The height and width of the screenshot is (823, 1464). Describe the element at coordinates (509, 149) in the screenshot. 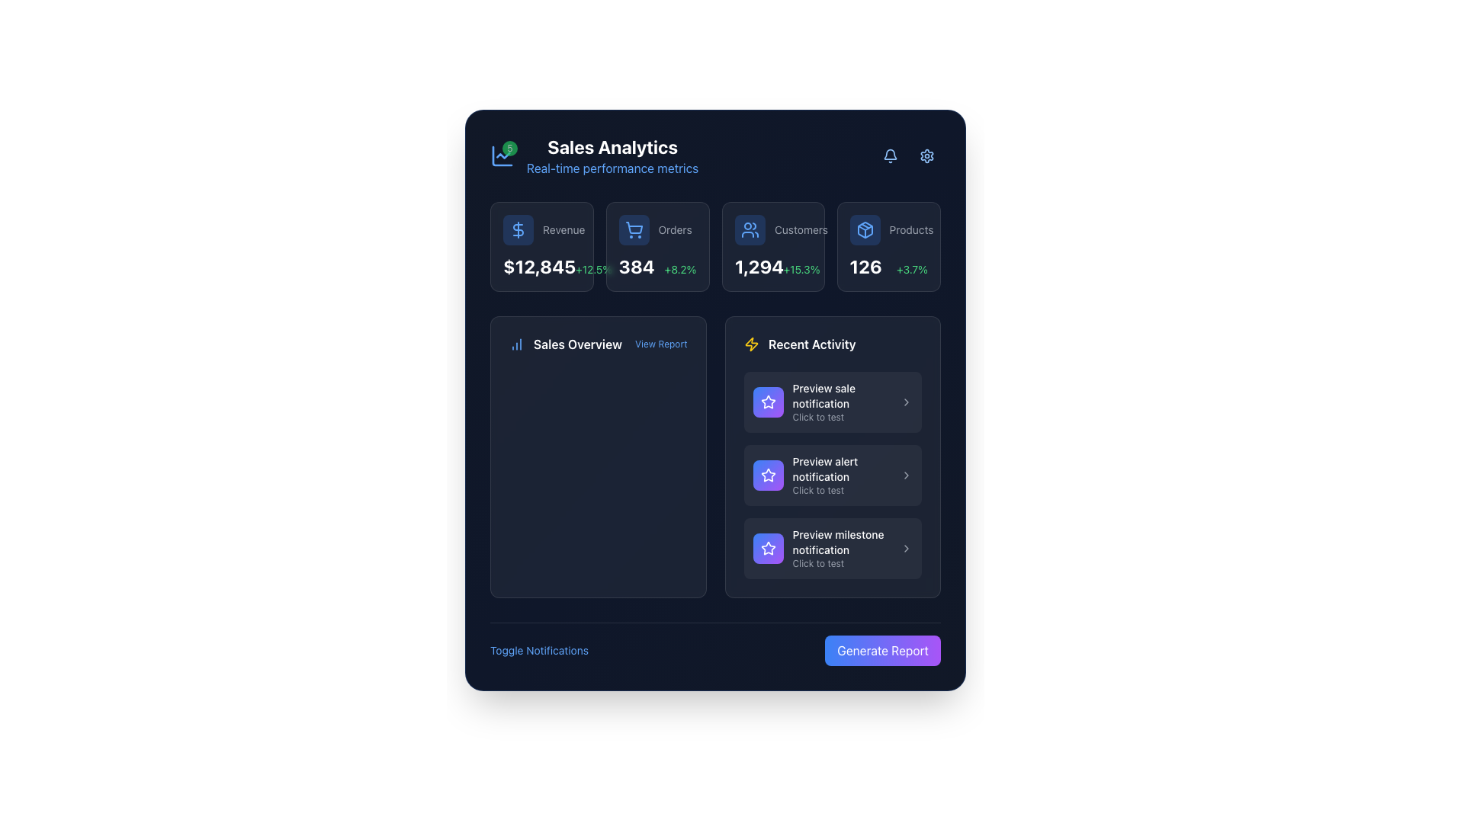

I see `the status of the notification badge, which is a small circular badge with a green background and the number '5' in white text centered, located at the top-right corner of the chart line graph icon` at that location.